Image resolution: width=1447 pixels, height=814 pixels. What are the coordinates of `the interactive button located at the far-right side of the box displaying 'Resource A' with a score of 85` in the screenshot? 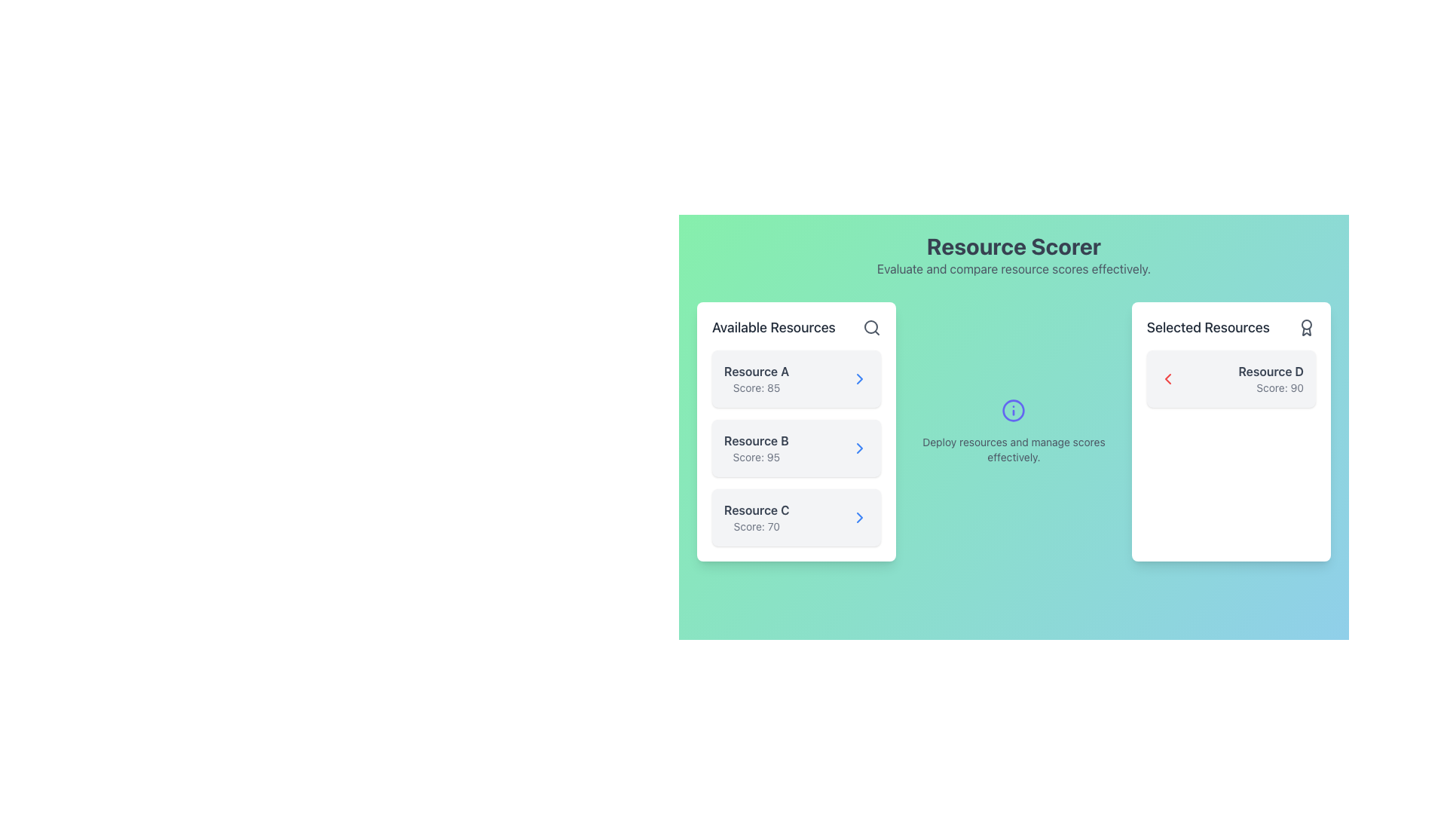 It's located at (860, 378).